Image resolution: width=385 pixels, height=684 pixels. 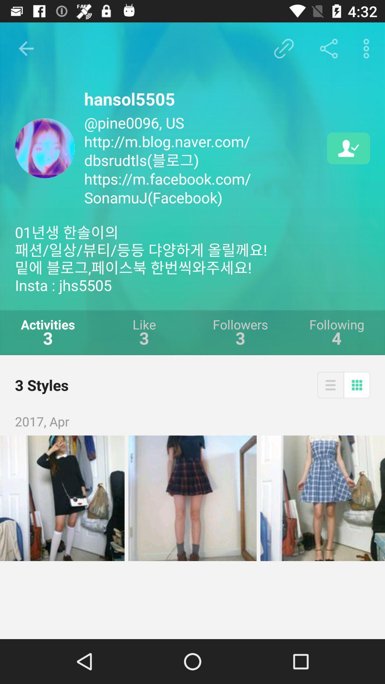 What do you see at coordinates (323, 498) in the screenshot?
I see `selected` at bounding box center [323, 498].